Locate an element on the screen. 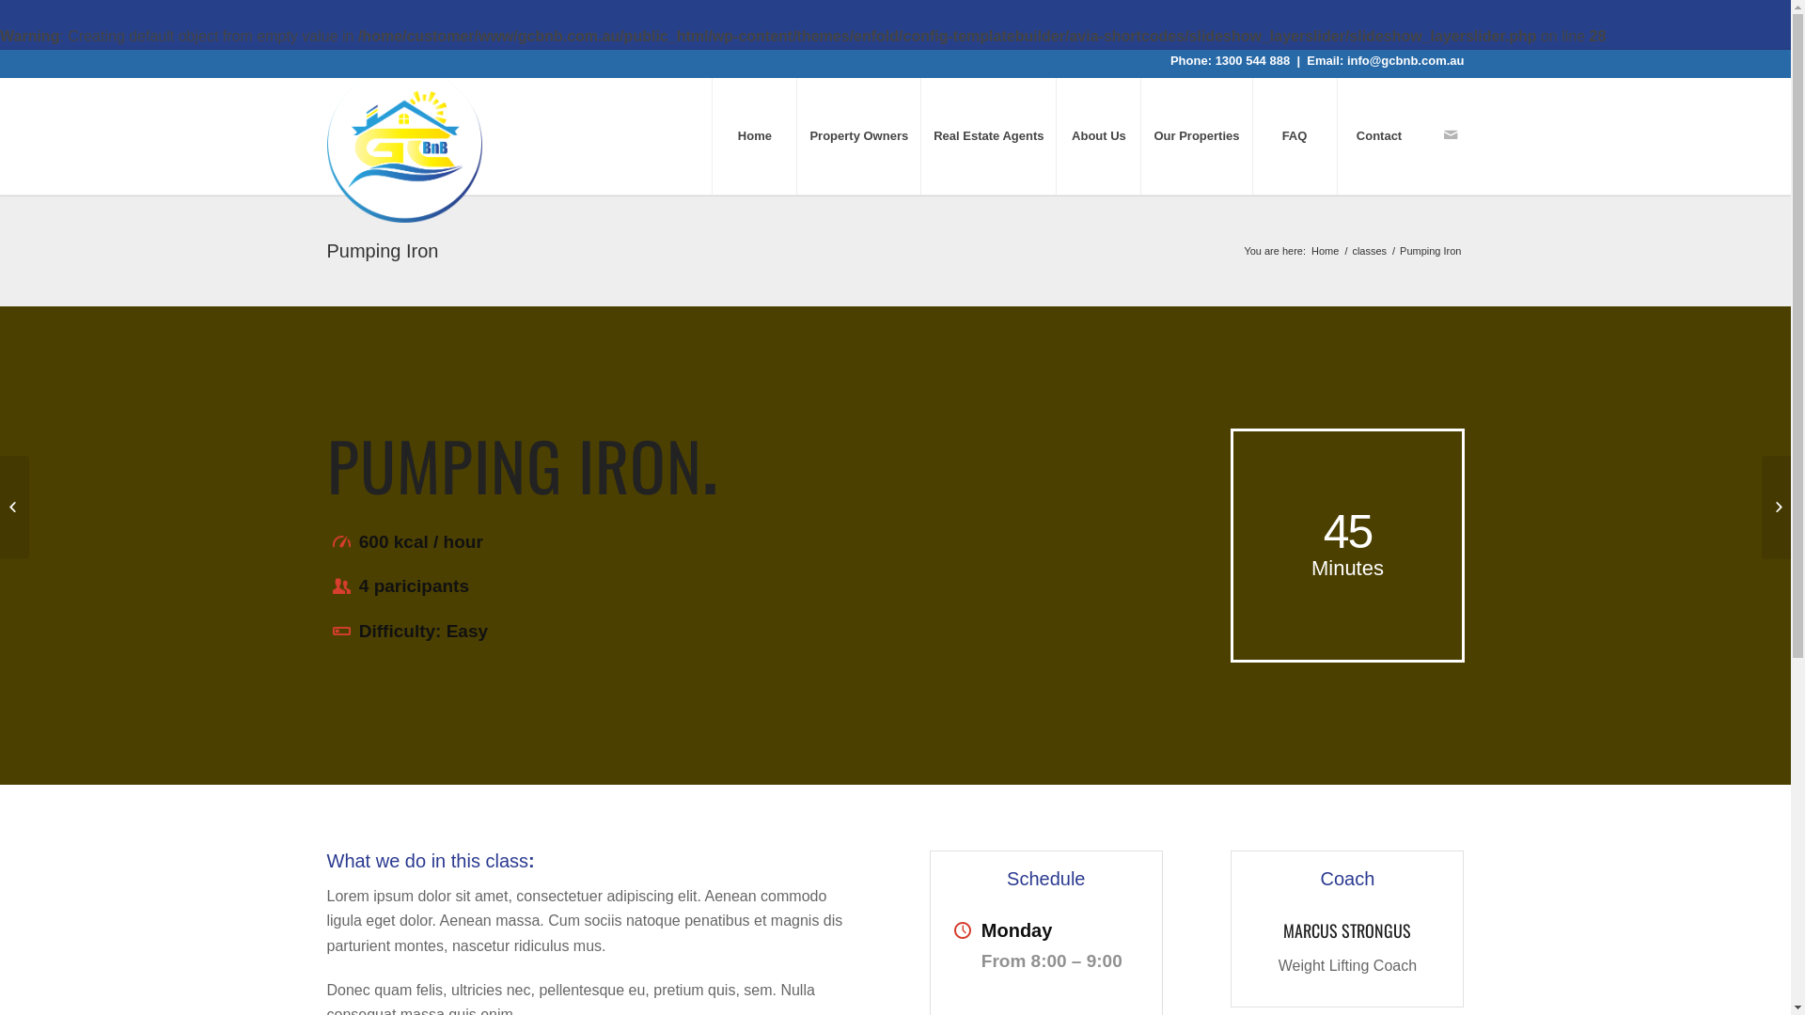 Image resolution: width=1805 pixels, height=1015 pixels. 'FAQ' is located at coordinates (1294, 134).